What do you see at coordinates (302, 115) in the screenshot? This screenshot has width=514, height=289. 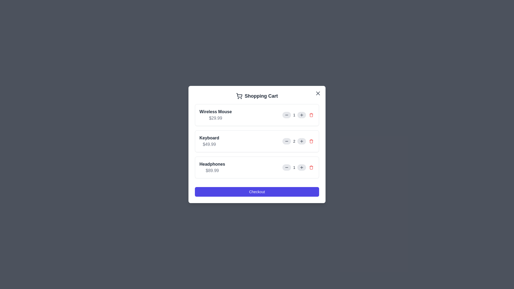 I see `the circular gray button with a plus icon in the 'Shopping Cart' modal next to the 'Wireless Mouse' quantity indicator to increase the quantity` at bounding box center [302, 115].